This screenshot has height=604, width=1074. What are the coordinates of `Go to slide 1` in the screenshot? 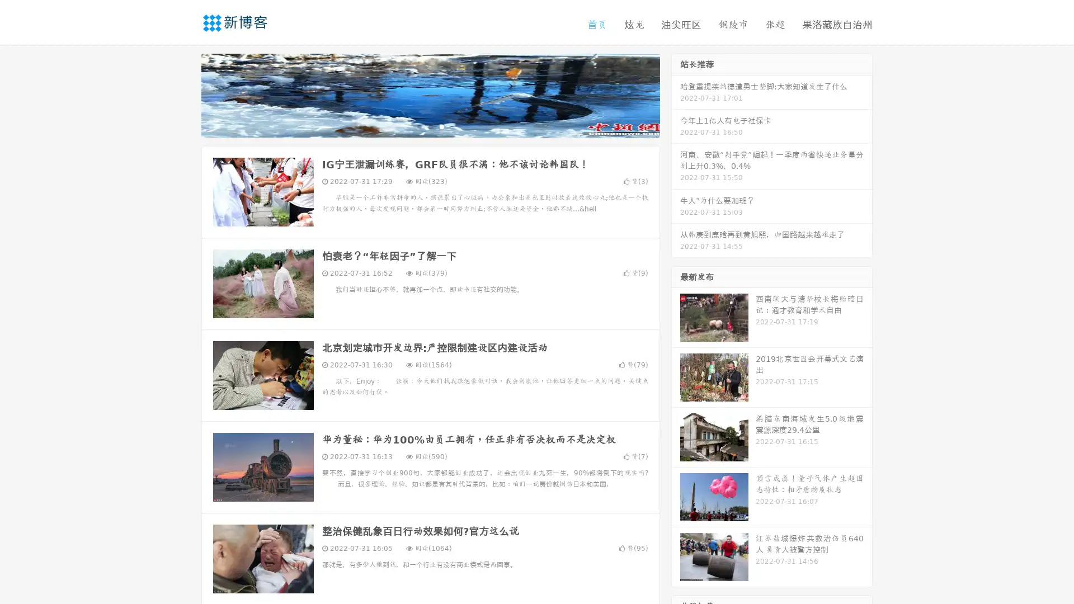 It's located at (418, 126).